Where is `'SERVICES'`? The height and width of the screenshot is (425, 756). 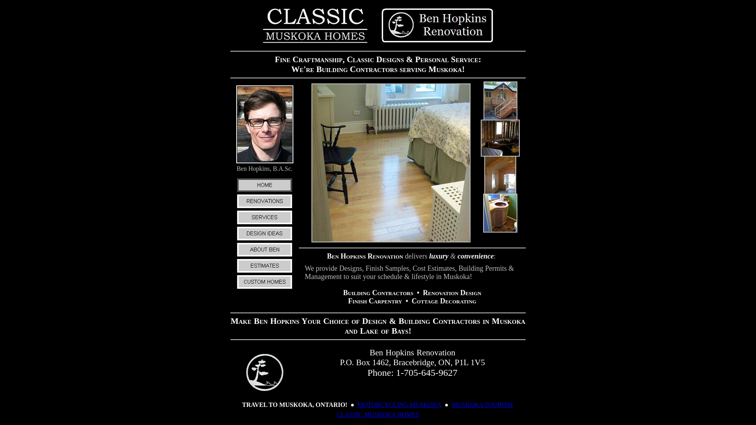 'SERVICES' is located at coordinates (265, 223).